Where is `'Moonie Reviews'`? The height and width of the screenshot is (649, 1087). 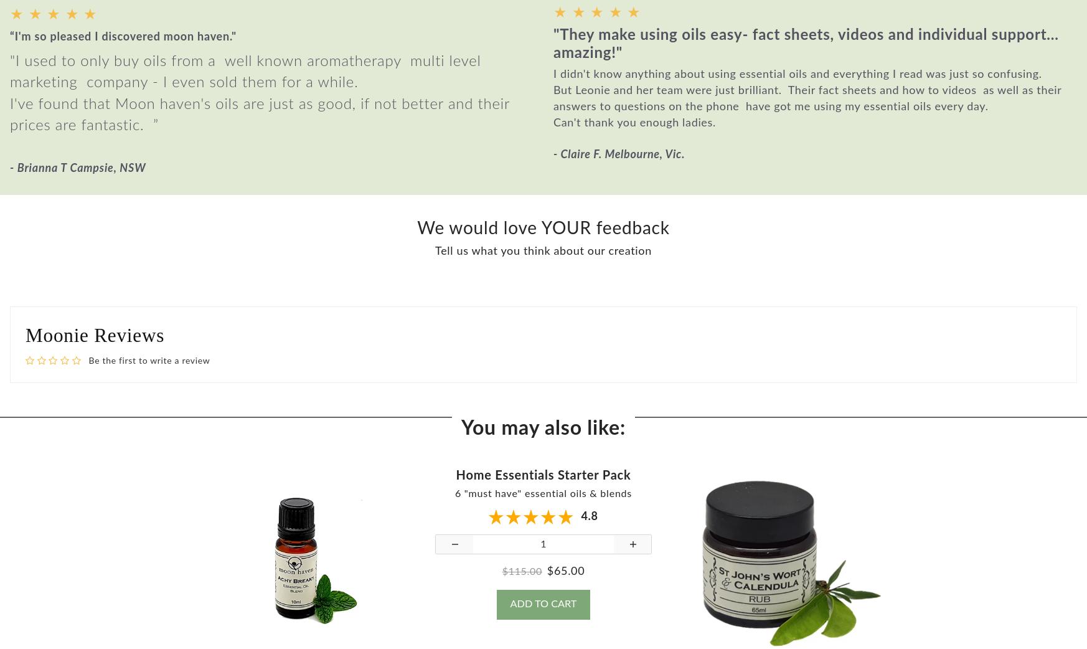
'Moonie Reviews' is located at coordinates (95, 344).